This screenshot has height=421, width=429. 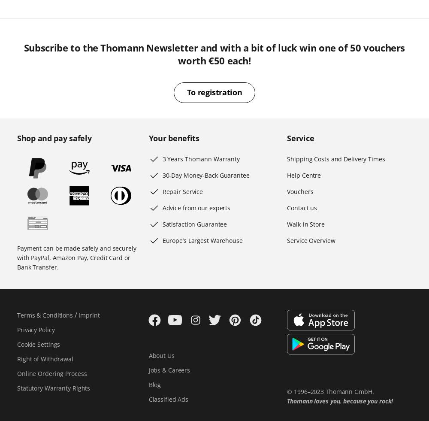 I want to click on 'Shop and pay safely', so click(x=54, y=137).